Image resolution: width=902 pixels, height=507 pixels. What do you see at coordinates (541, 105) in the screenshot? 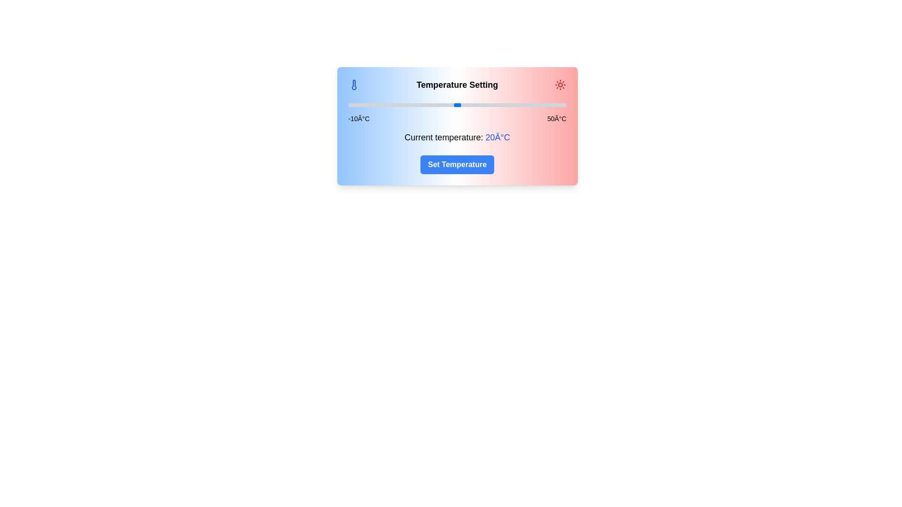
I see `the slider to set the temperature to 43°C` at bounding box center [541, 105].